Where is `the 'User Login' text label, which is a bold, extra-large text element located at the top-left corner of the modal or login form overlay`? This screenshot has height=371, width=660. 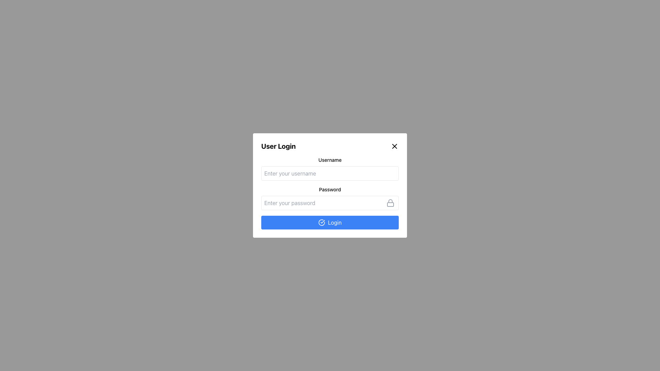 the 'User Login' text label, which is a bold, extra-large text element located at the top-left corner of the modal or login form overlay is located at coordinates (278, 146).